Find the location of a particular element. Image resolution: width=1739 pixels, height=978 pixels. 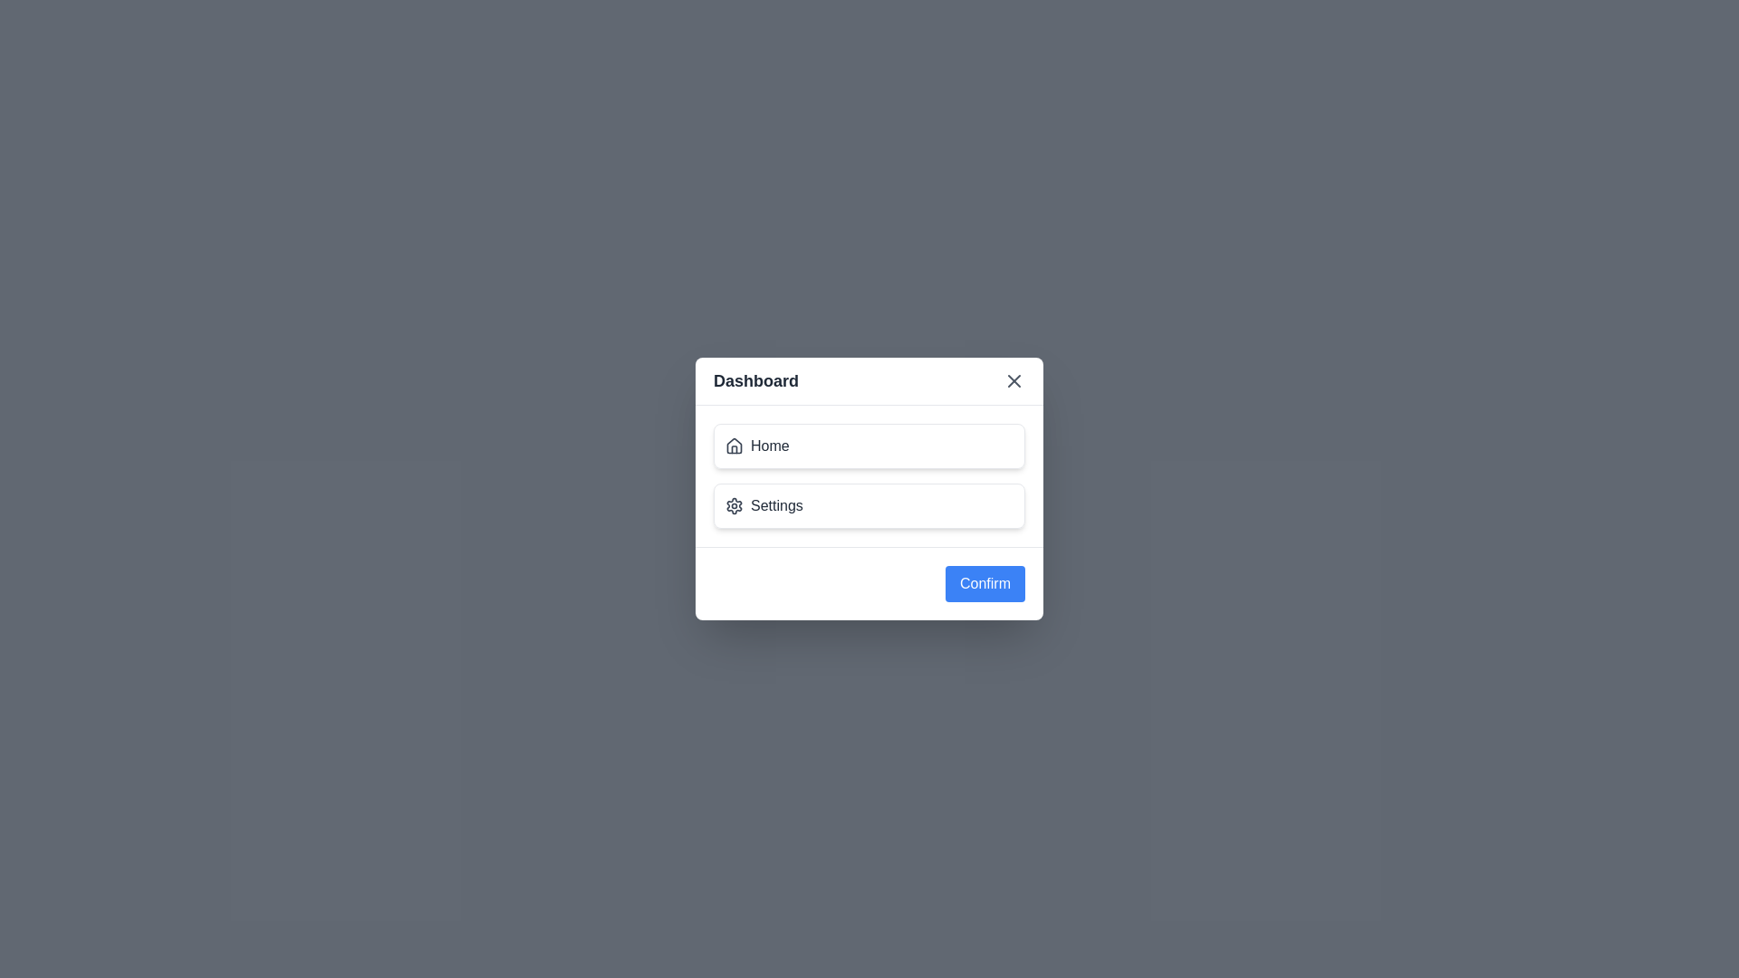

the close button (X icon) to close the dialog is located at coordinates (1013, 379).